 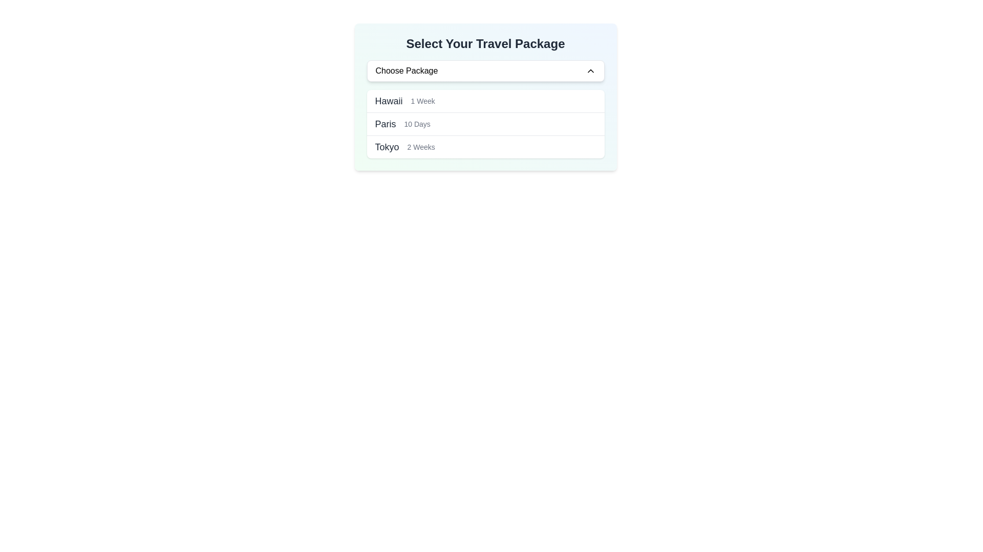 I want to click on the list item displaying 'Paris' in a selection menu, so click(x=485, y=123).